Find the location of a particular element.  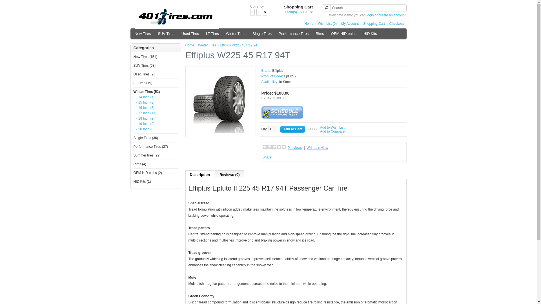

'Share' is located at coordinates (267, 157).